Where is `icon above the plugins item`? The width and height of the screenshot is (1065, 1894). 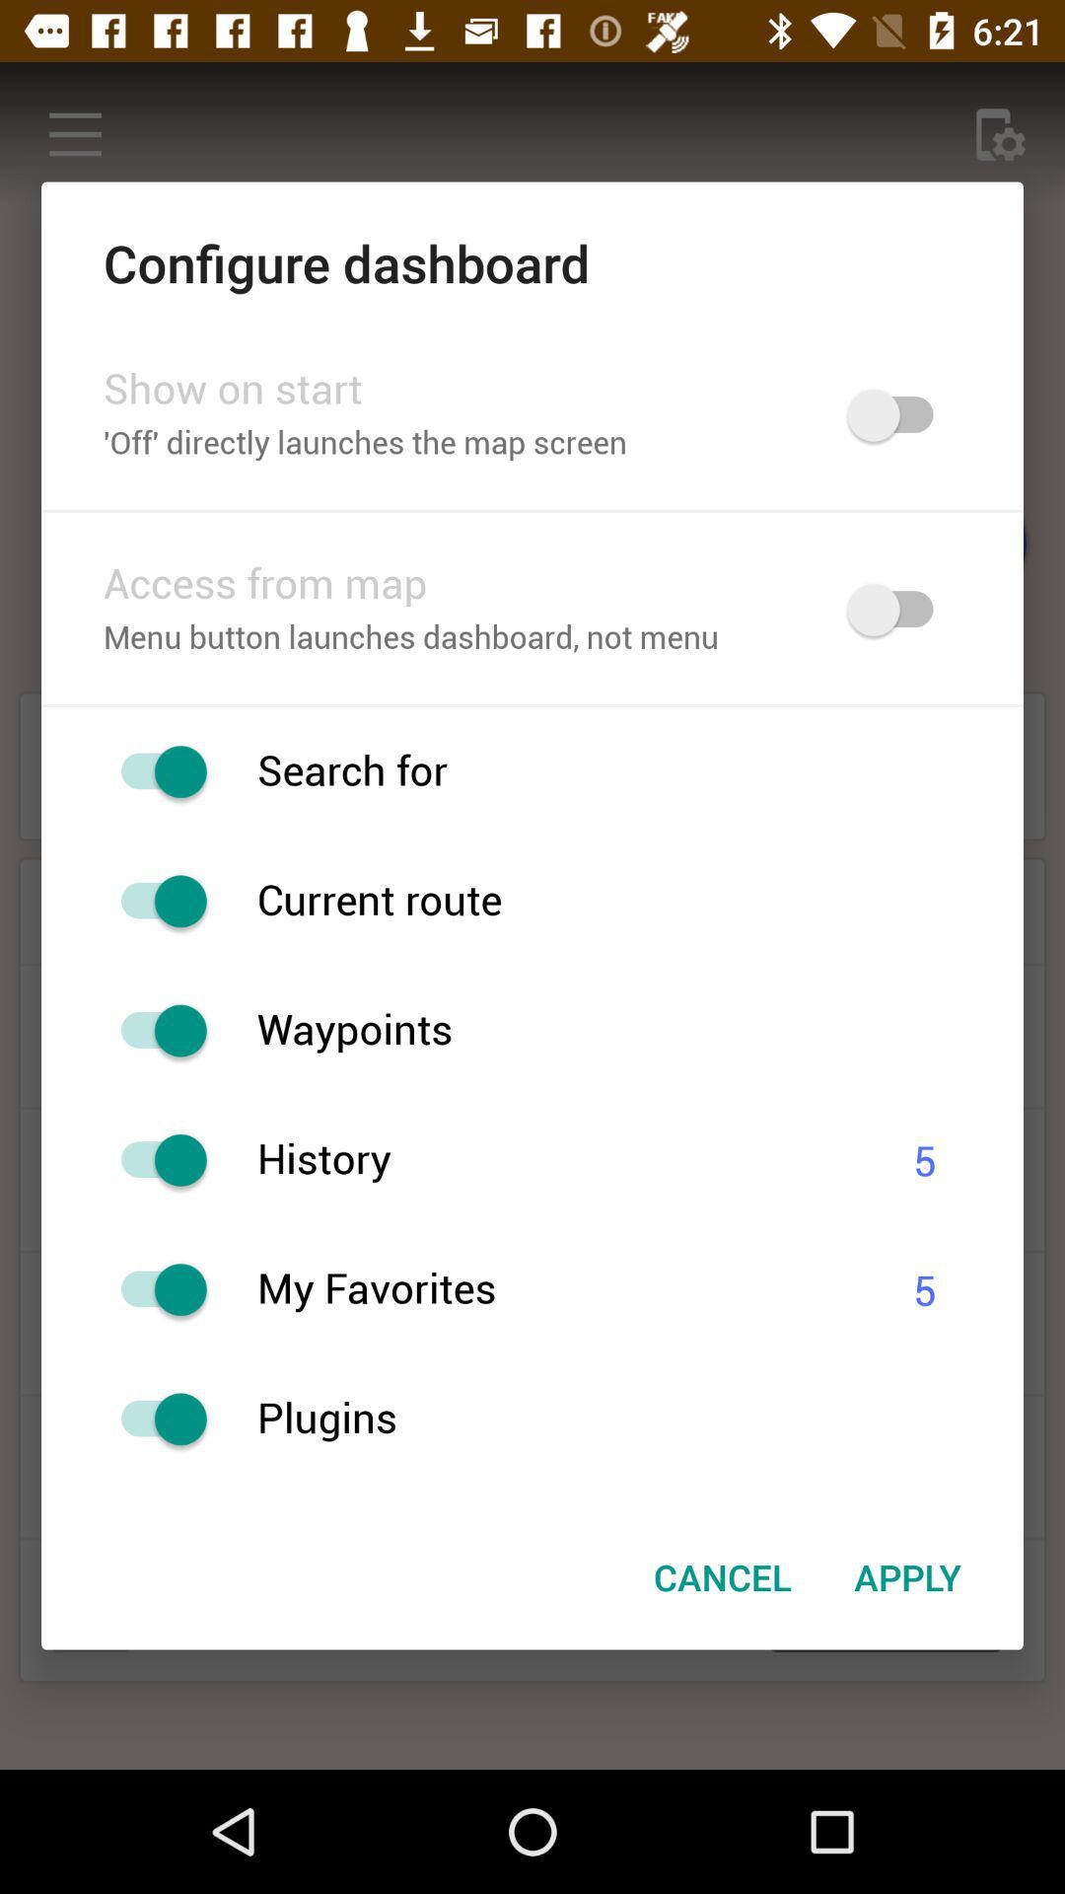 icon above the plugins item is located at coordinates (560, 1289).